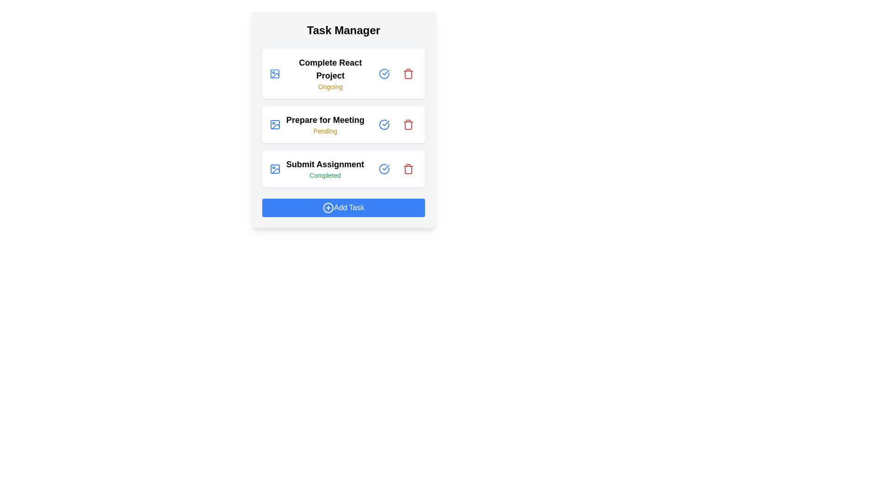 This screenshot has height=499, width=888. I want to click on 'Check Circle' button for the task with title Complete React Project, so click(384, 73).